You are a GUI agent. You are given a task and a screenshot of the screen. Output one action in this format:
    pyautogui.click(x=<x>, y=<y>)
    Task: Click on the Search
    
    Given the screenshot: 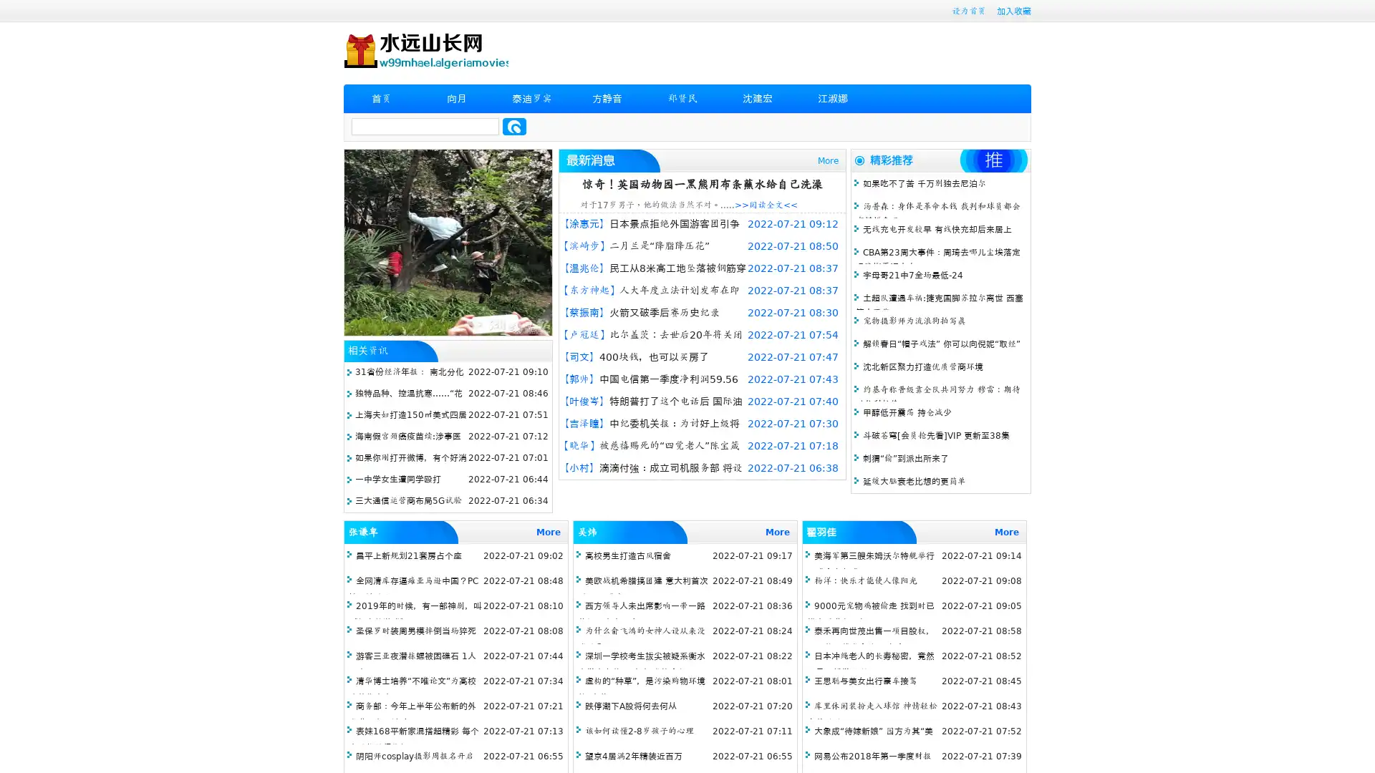 What is the action you would take?
    pyautogui.click(x=514, y=126)
    